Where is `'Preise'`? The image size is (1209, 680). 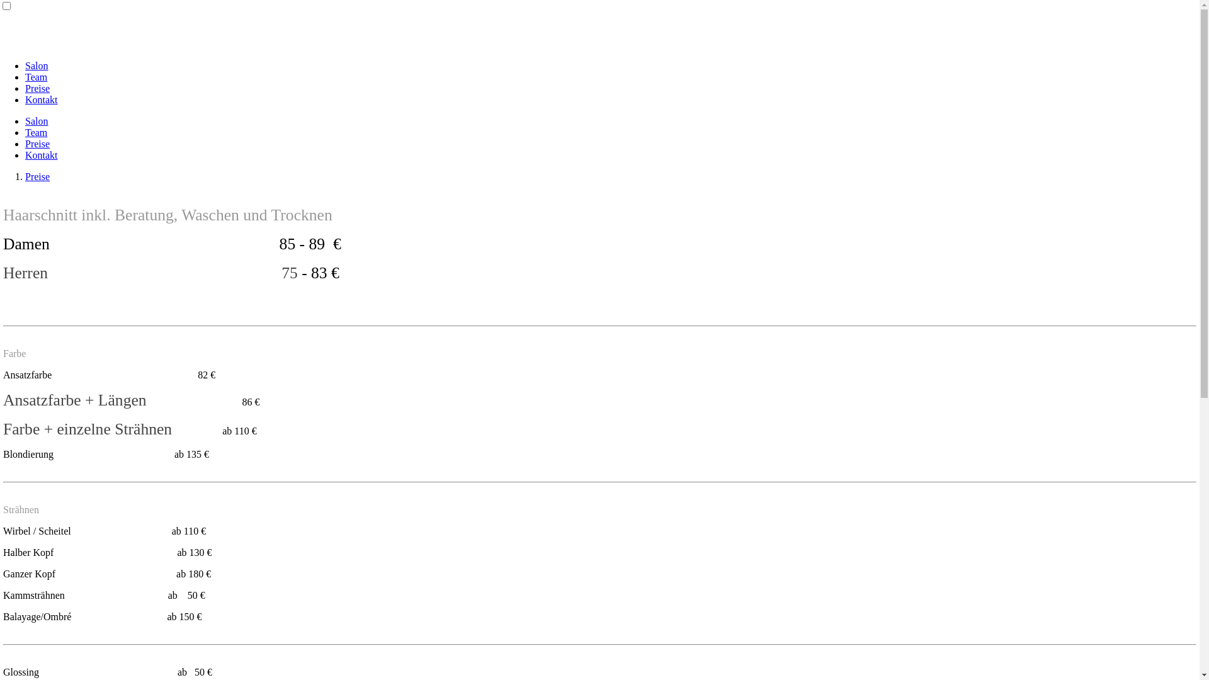
'Preise' is located at coordinates (37, 176).